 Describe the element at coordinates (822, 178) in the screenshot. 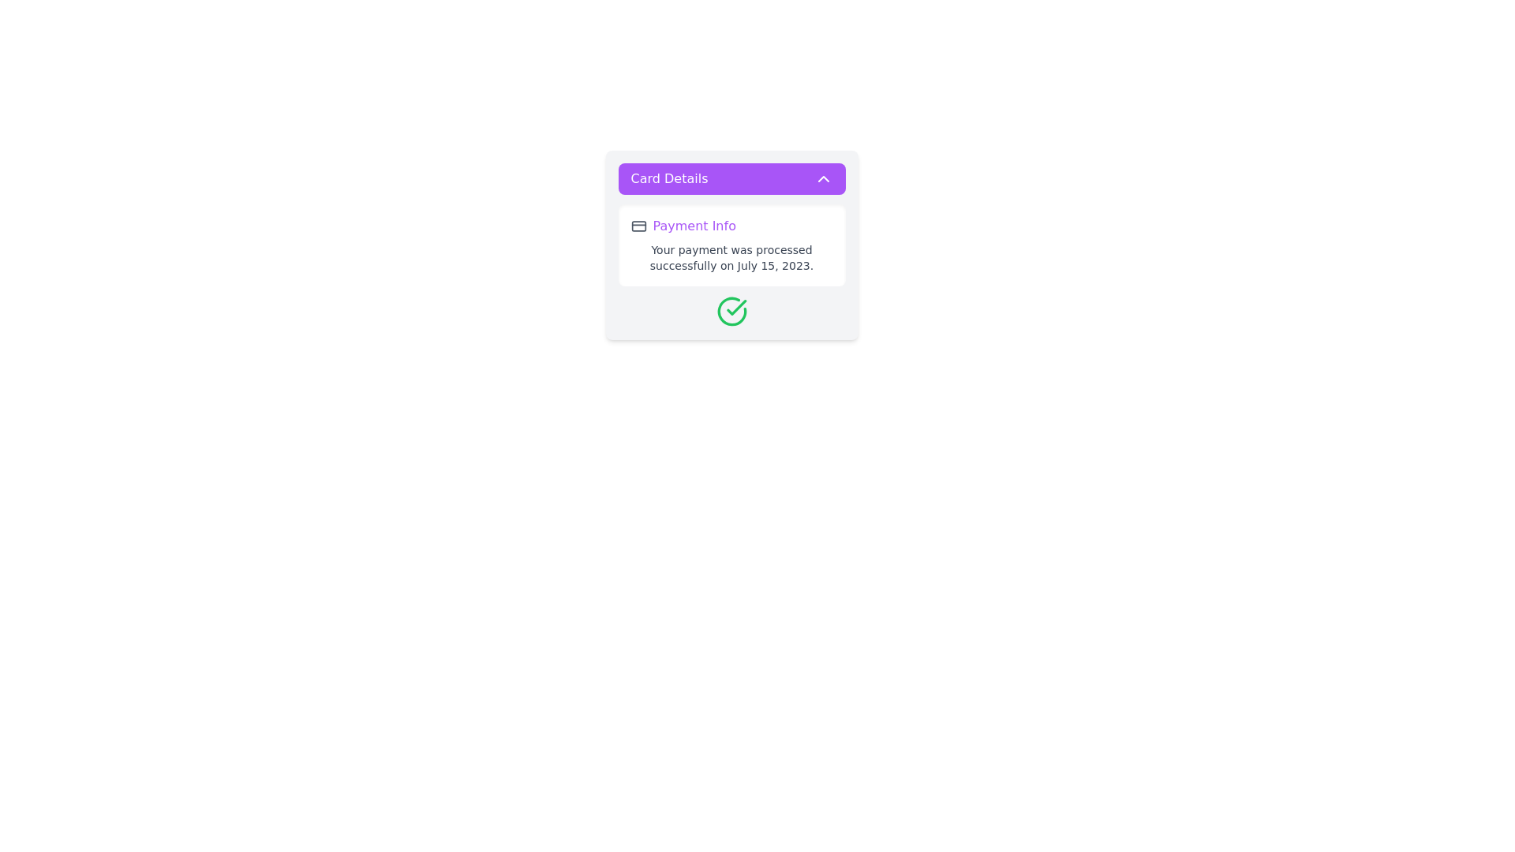

I see `the chevron-up icon button located at the rightmost end of the 'Card Details' header bar` at that location.